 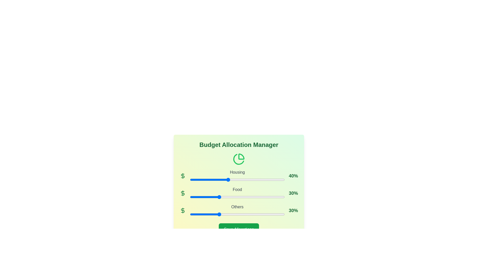 I want to click on the 'Budget Allocation Manager' title to select the text, so click(x=238, y=145).